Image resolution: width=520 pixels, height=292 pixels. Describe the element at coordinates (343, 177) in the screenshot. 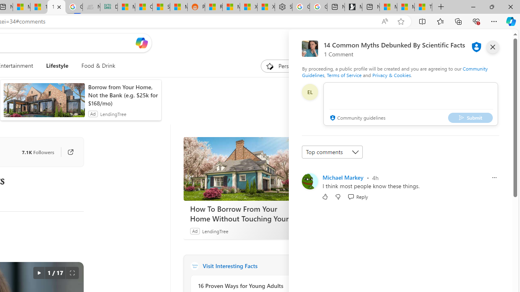

I see `'Michael Markey'` at that location.